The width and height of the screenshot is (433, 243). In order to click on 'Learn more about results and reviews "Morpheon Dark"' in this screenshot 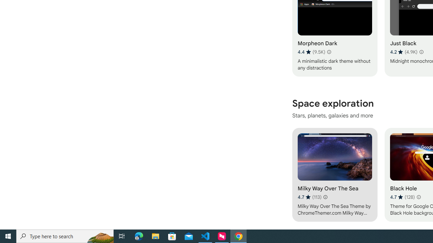, I will do `click(329, 52)`.